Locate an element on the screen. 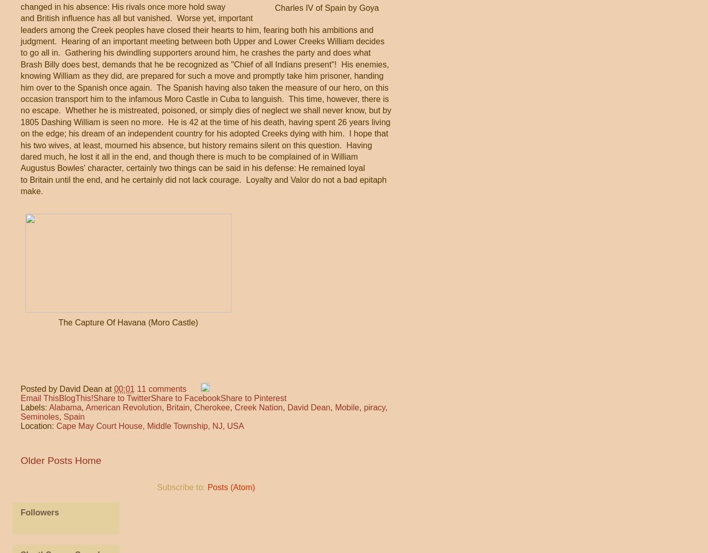 The height and width of the screenshot is (553, 708). 'Seminoles' is located at coordinates (20, 417).